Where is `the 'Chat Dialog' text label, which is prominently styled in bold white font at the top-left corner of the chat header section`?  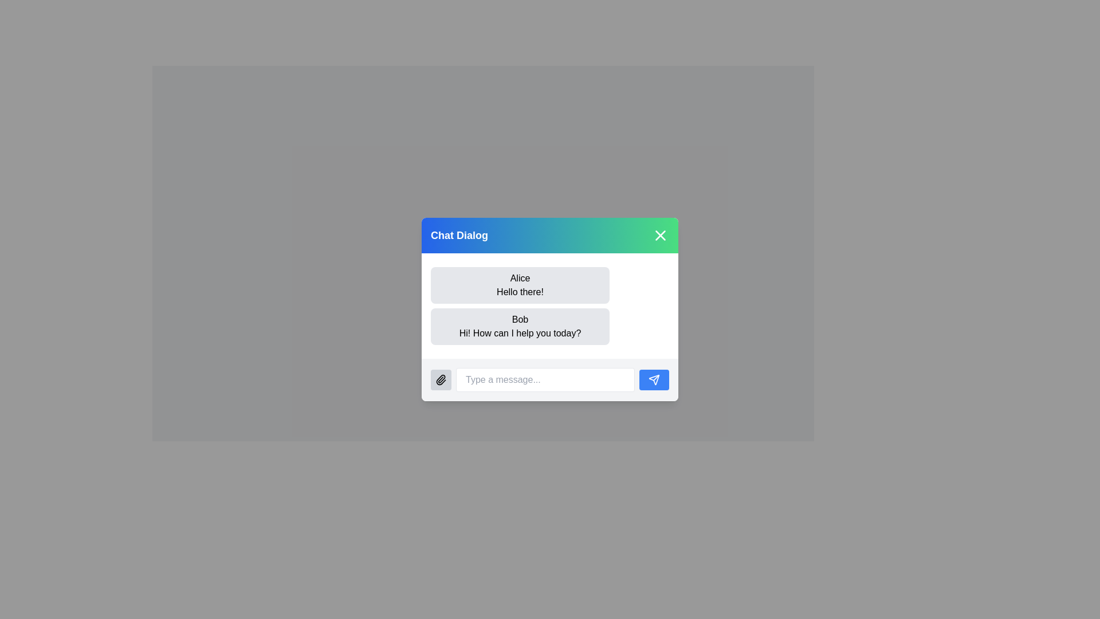 the 'Chat Dialog' text label, which is prominently styled in bold white font at the top-left corner of the chat header section is located at coordinates (459, 235).